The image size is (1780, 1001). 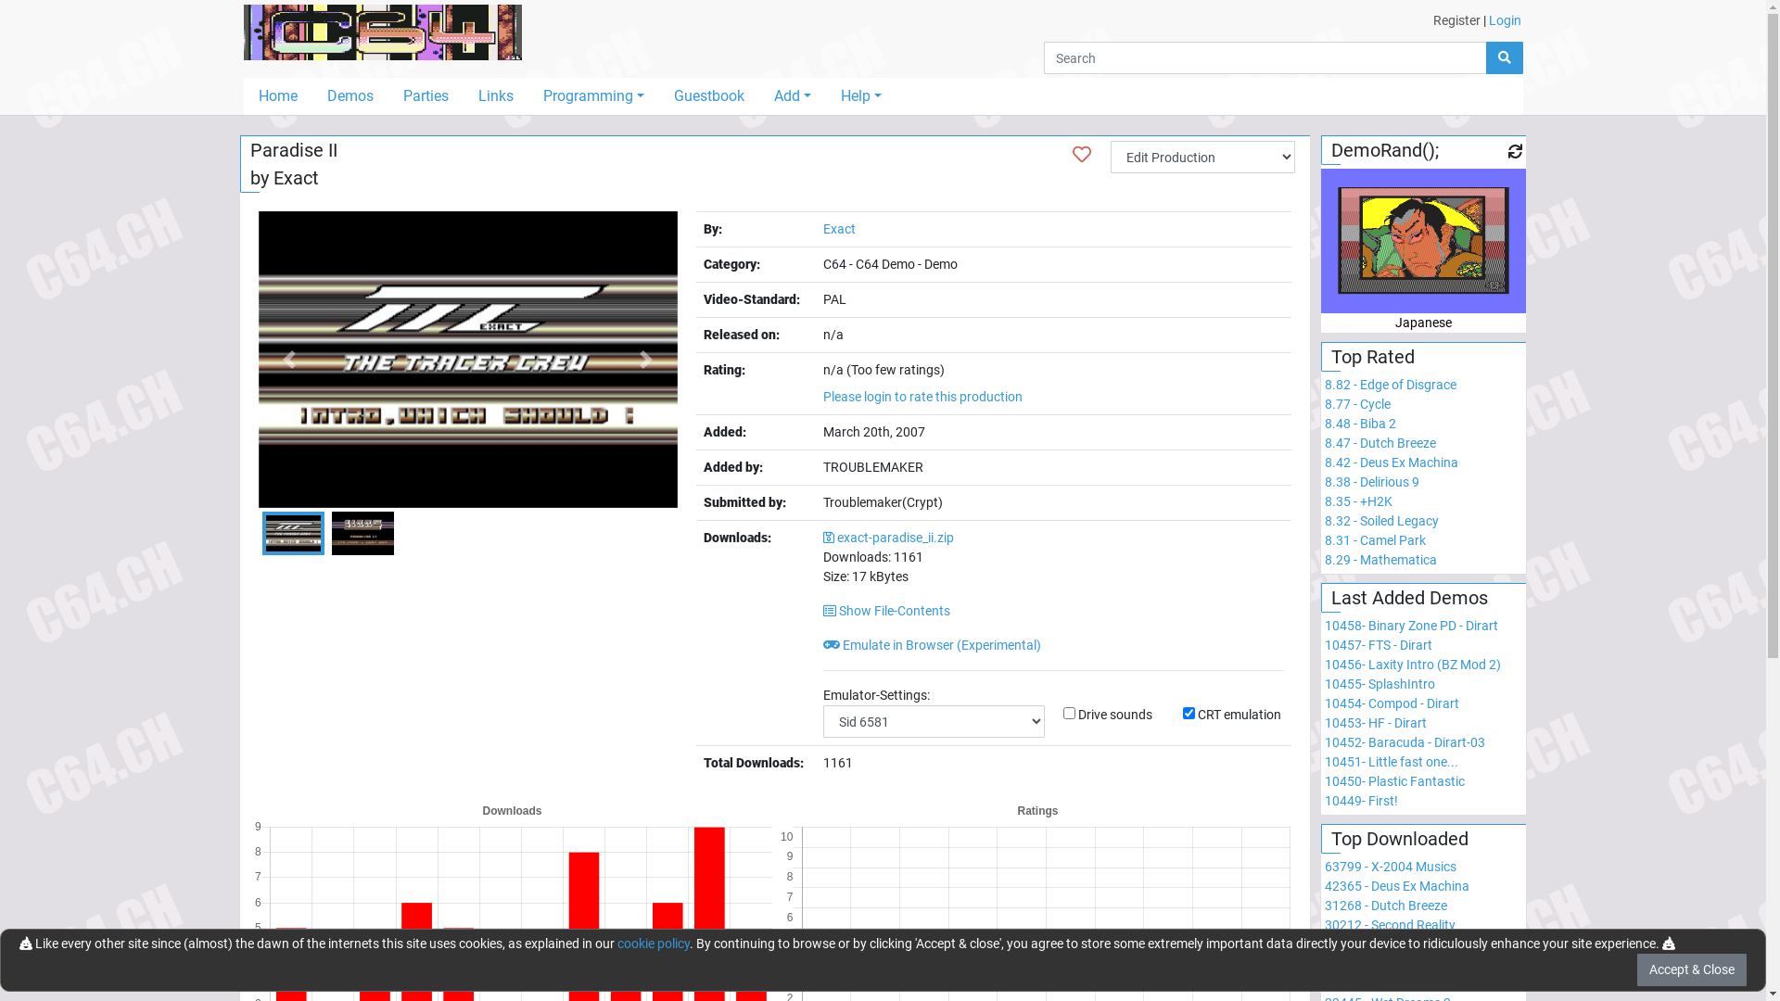 I want to click on '8.35 - +H2K', so click(x=1358, y=500).